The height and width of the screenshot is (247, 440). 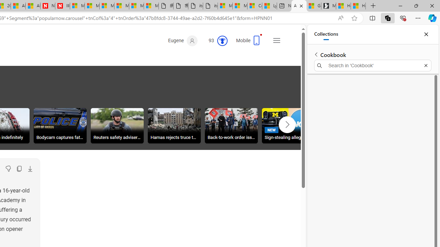 I want to click on 'Consumer Health Data Privacy Policy', so click(x=254, y=6).